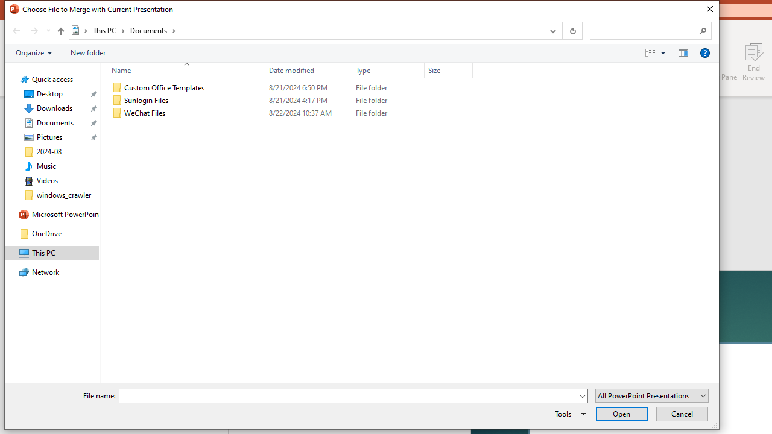 Image resolution: width=772 pixels, height=434 pixels. What do you see at coordinates (60, 32) in the screenshot?
I see `'Up band toolbar'` at bounding box center [60, 32].